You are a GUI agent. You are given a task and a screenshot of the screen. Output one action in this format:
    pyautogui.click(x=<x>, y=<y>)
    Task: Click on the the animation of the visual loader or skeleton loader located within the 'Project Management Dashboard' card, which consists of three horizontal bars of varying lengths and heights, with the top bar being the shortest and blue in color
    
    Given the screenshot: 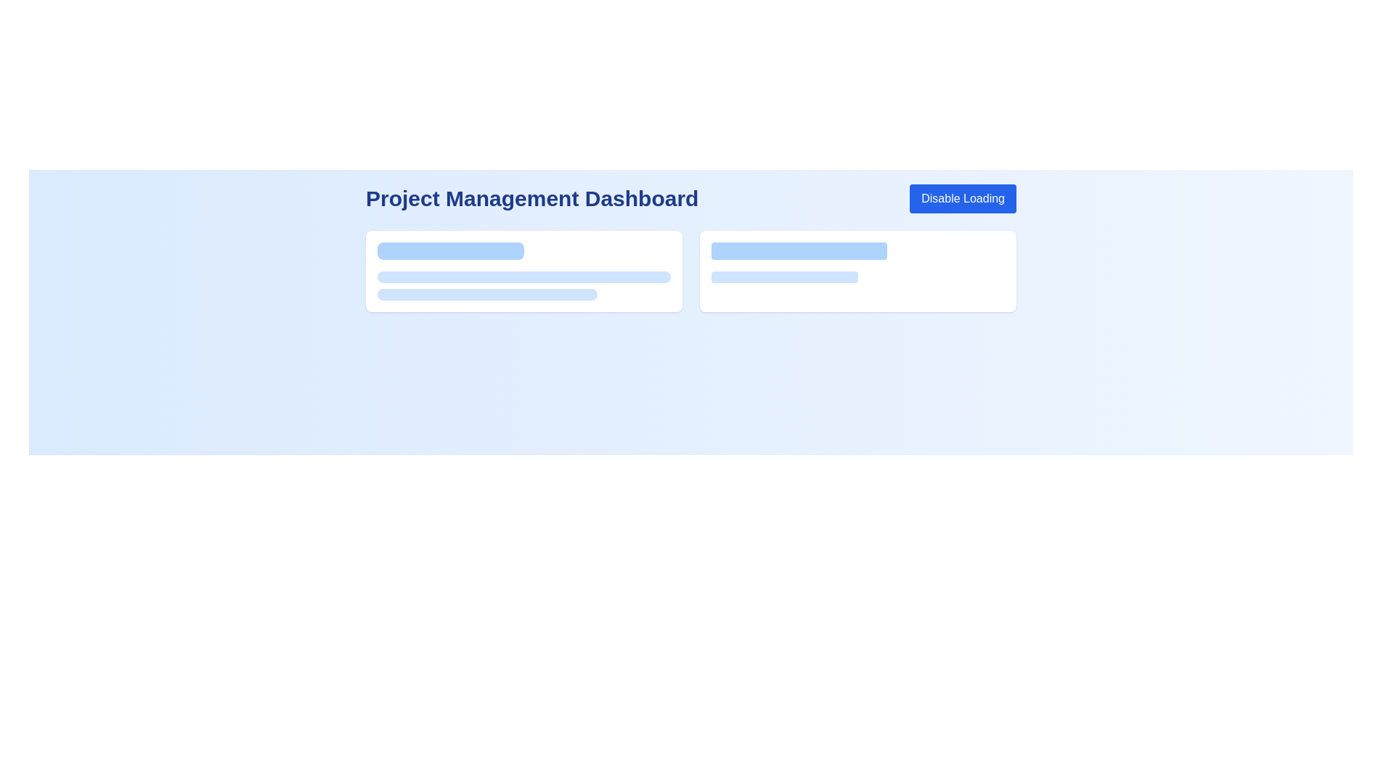 What is the action you would take?
    pyautogui.click(x=523, y=271)
    